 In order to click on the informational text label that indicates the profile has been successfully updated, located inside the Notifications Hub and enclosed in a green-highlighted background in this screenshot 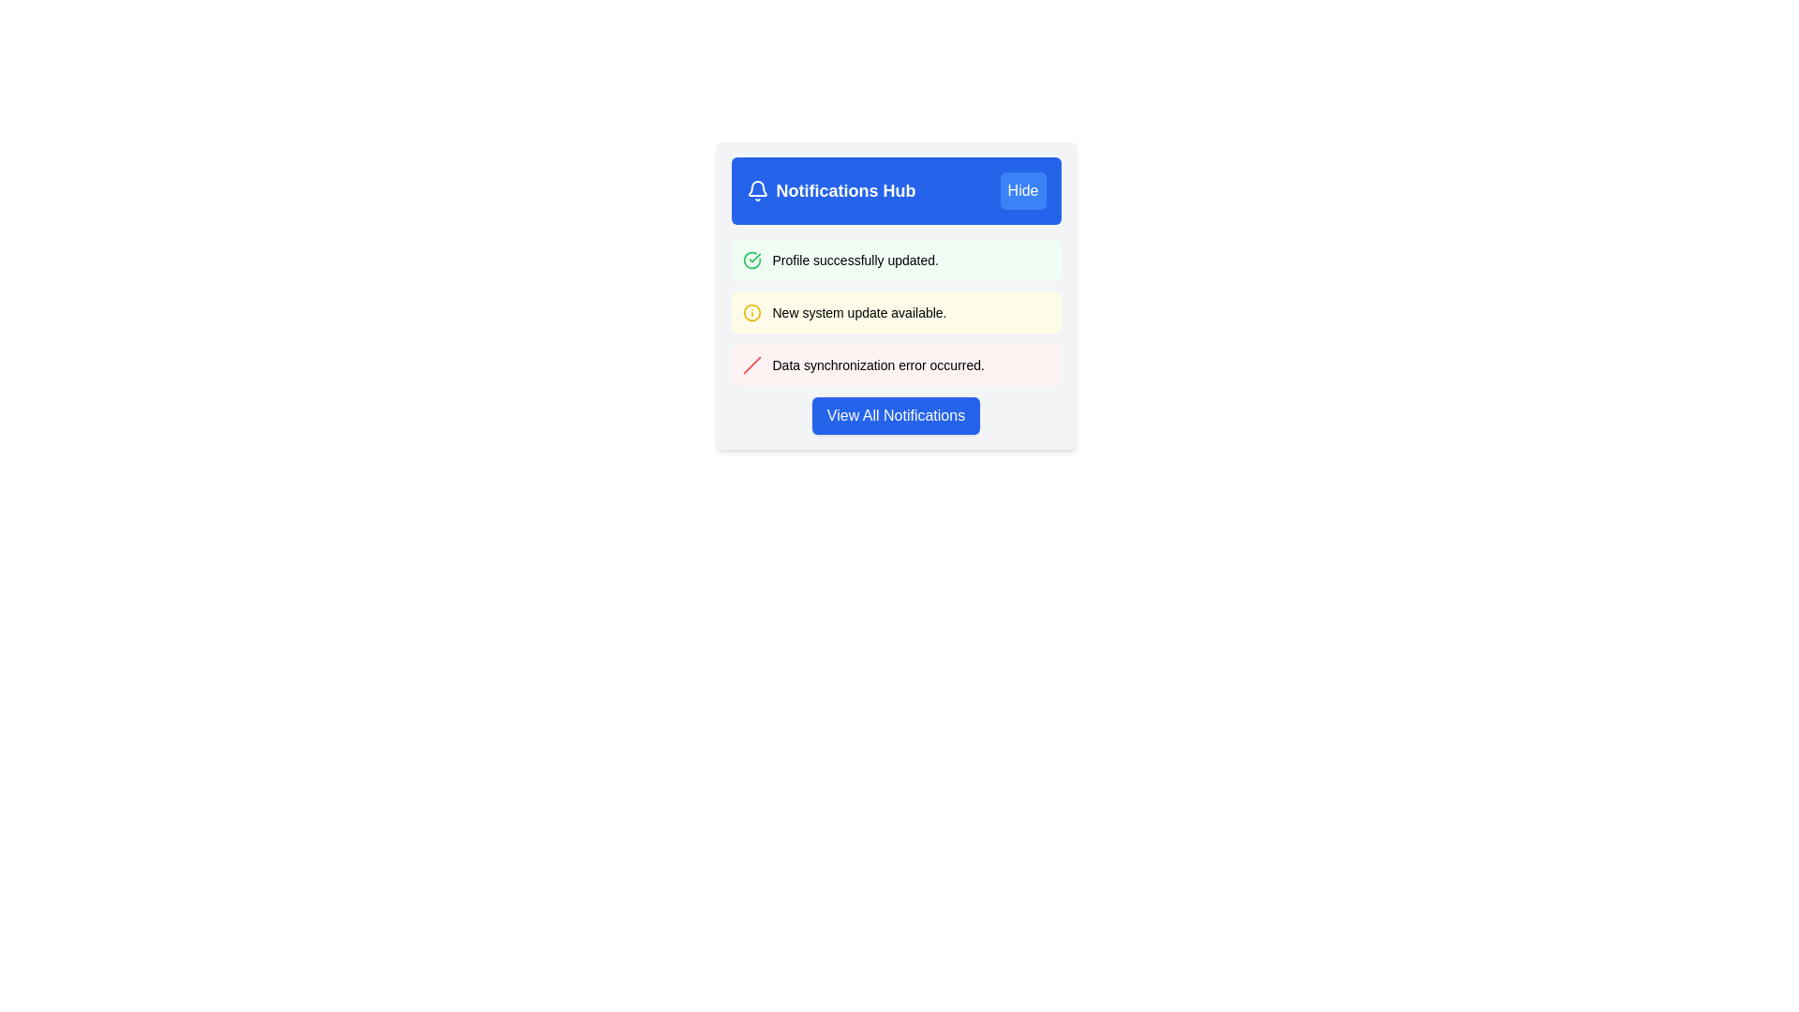, I will do `click(855, 260)`.